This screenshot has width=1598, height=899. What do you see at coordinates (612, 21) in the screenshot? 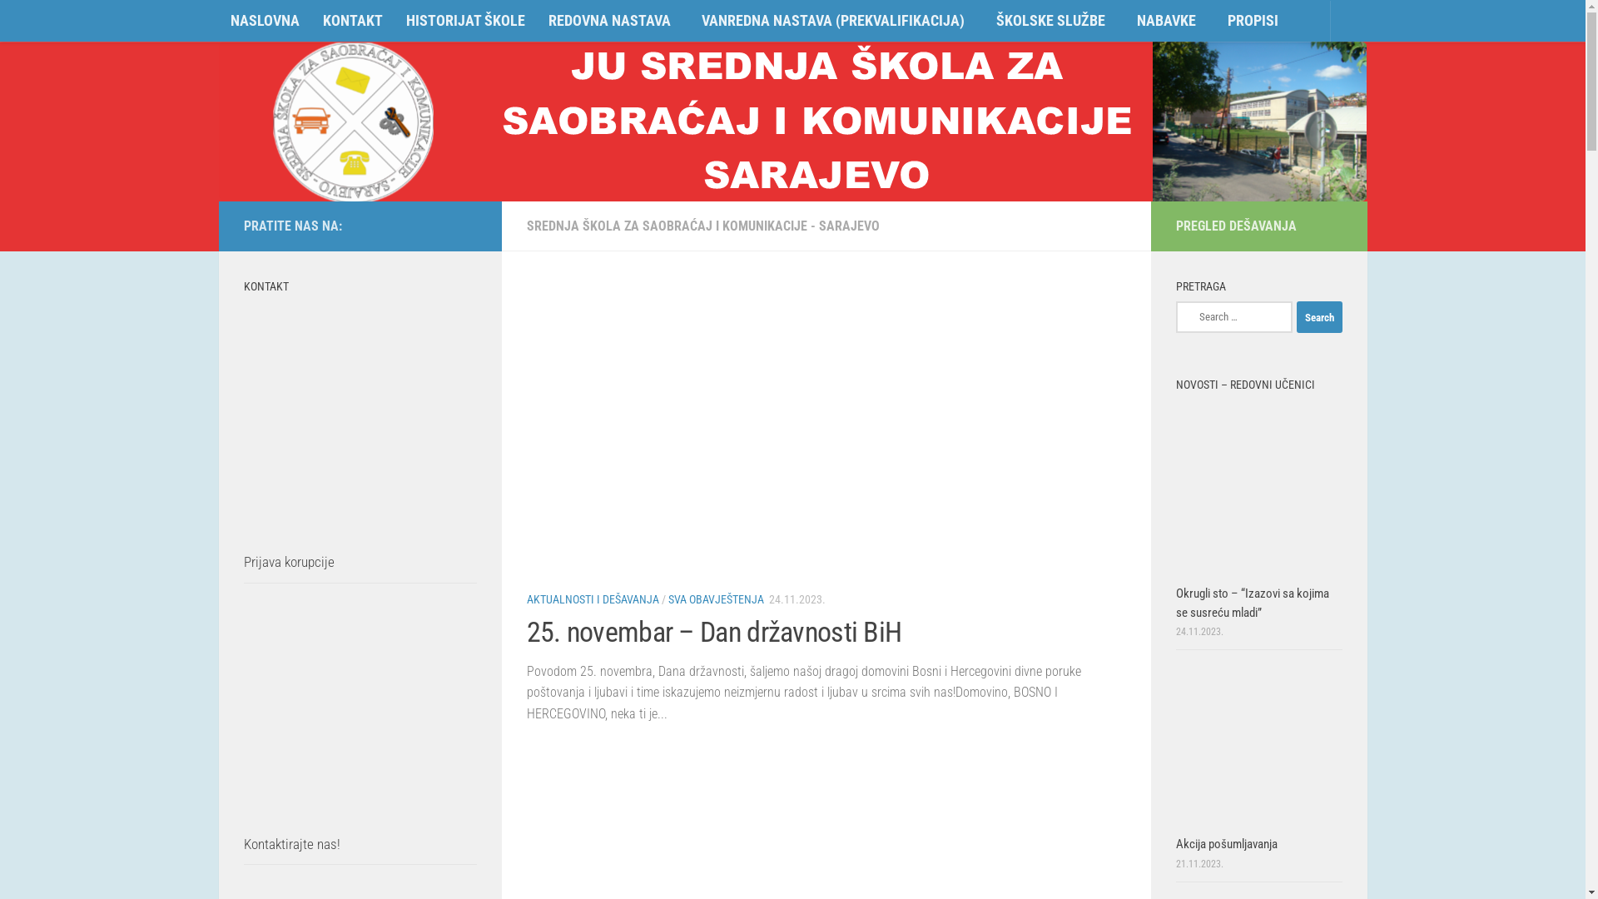
I see `'REDOVNA NASTAVA'` at bounding box center [612, 21].